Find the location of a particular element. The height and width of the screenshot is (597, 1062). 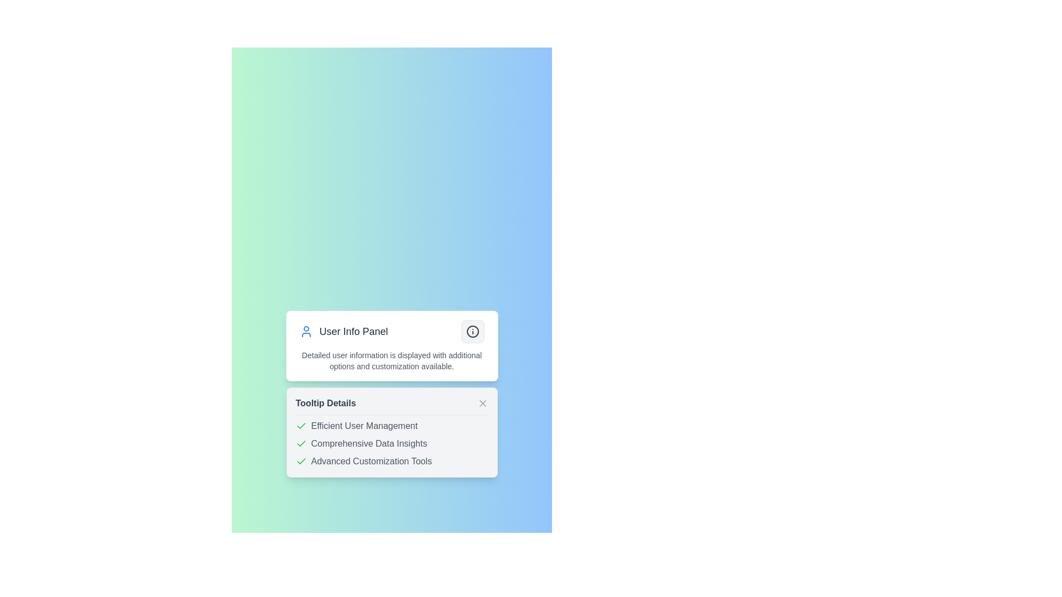

the SVG circle element representing visual information in the top-right corner of the 'User Info Panel' card is located at coordinates (472, 331).